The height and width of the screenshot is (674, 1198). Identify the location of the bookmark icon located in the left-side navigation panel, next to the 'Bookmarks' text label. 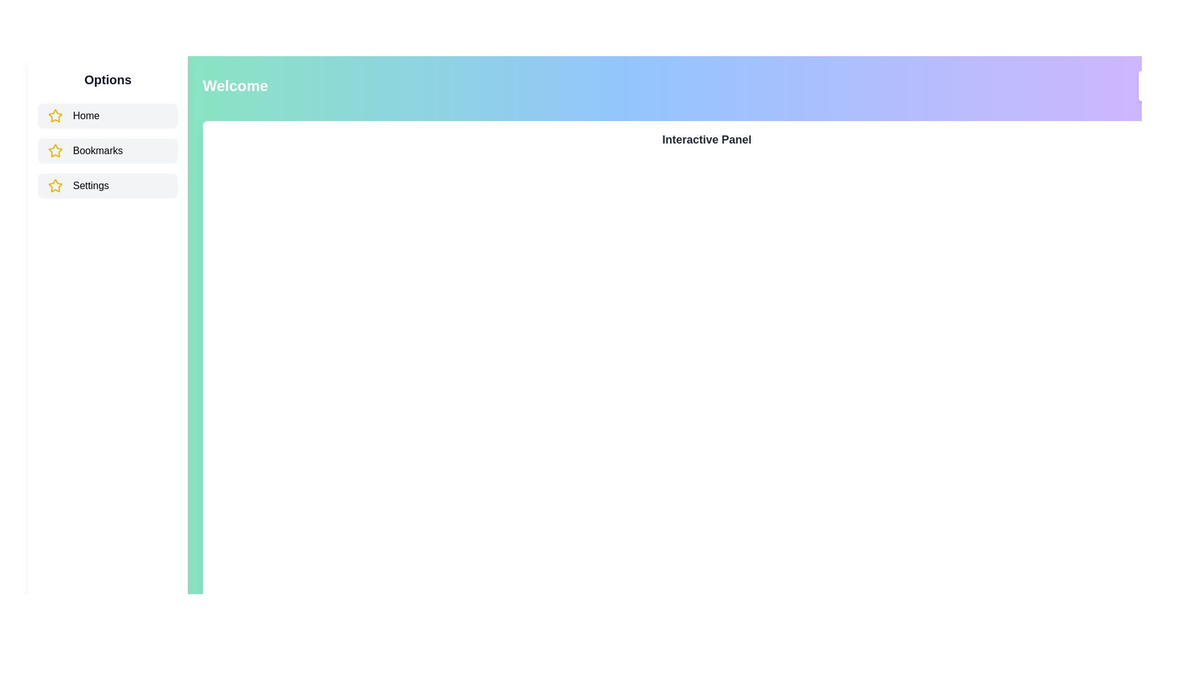
(55, 150).